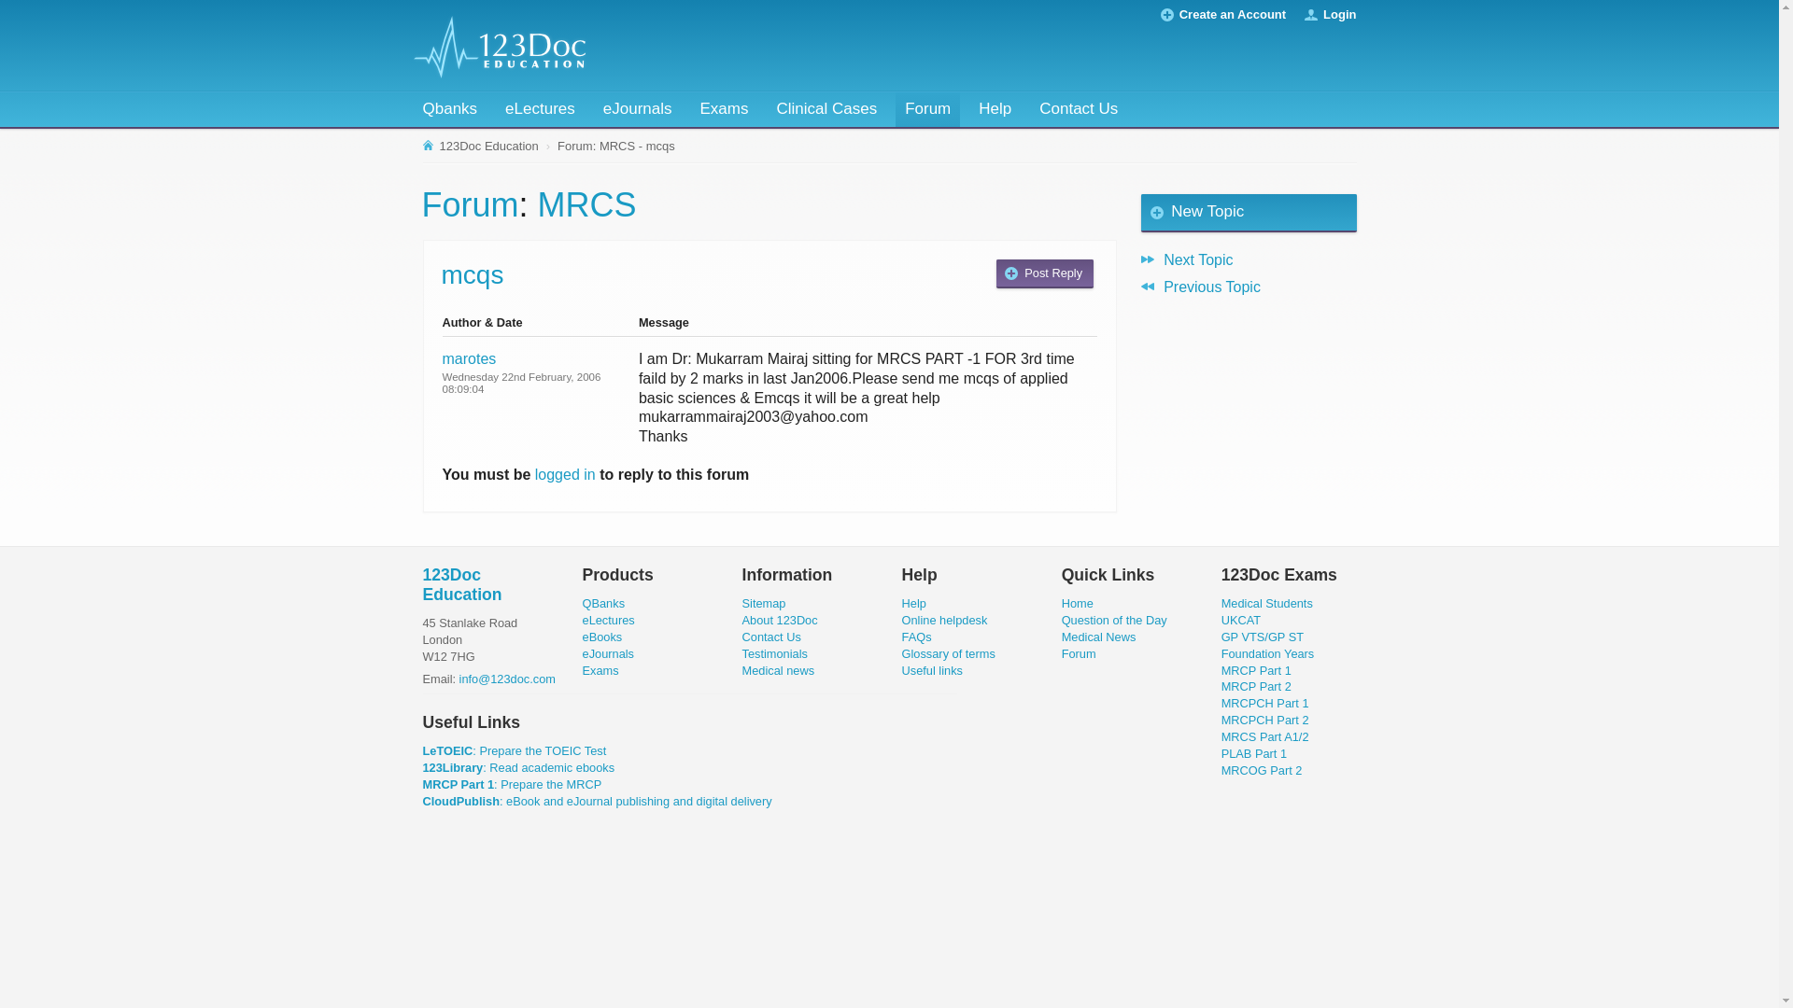 The height and width of the screenshot is (1008, 1793). I want to click on 'MRCPCH Part 1', so click(1264, 703).